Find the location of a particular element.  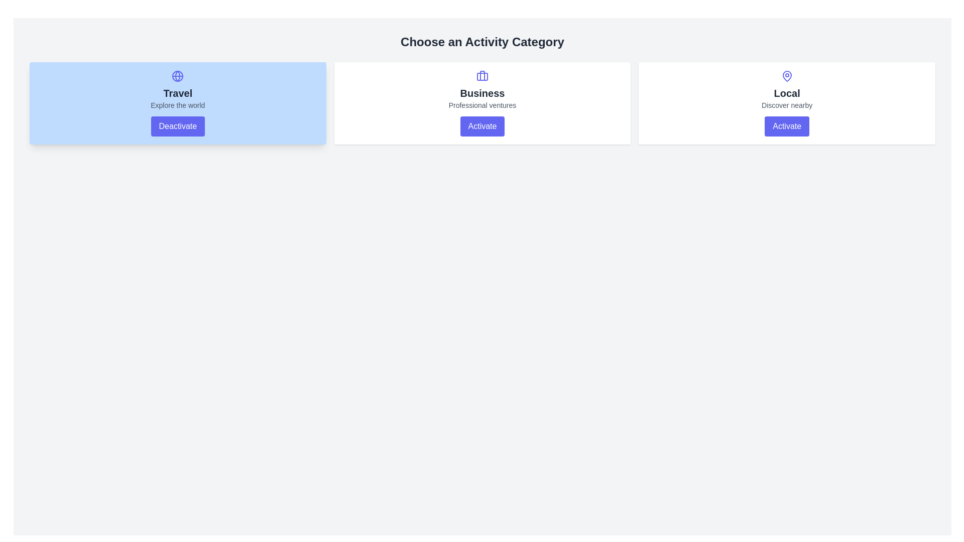

the graphical map pin icon located in the 'Local' section, which serves as a central visual cue for that section is located at coordinates (786, 75).